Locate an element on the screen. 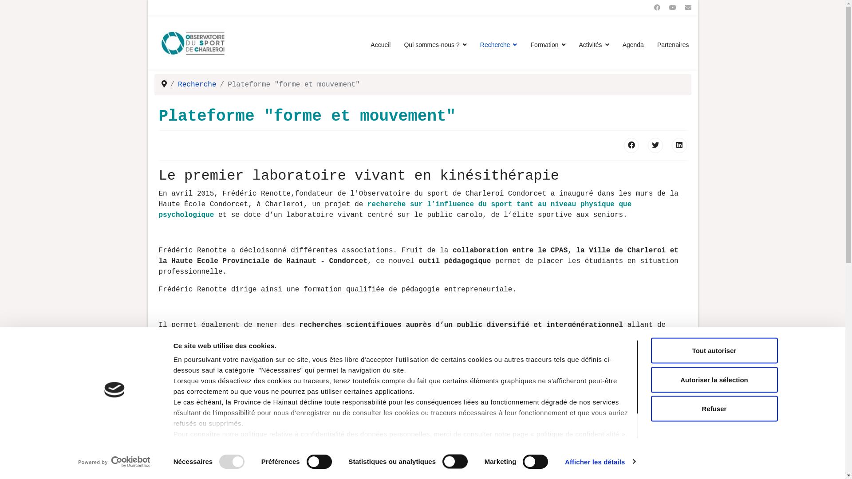 The image size is (852, 479). 'Tout autoriser' is located at coordinates (714, 350).